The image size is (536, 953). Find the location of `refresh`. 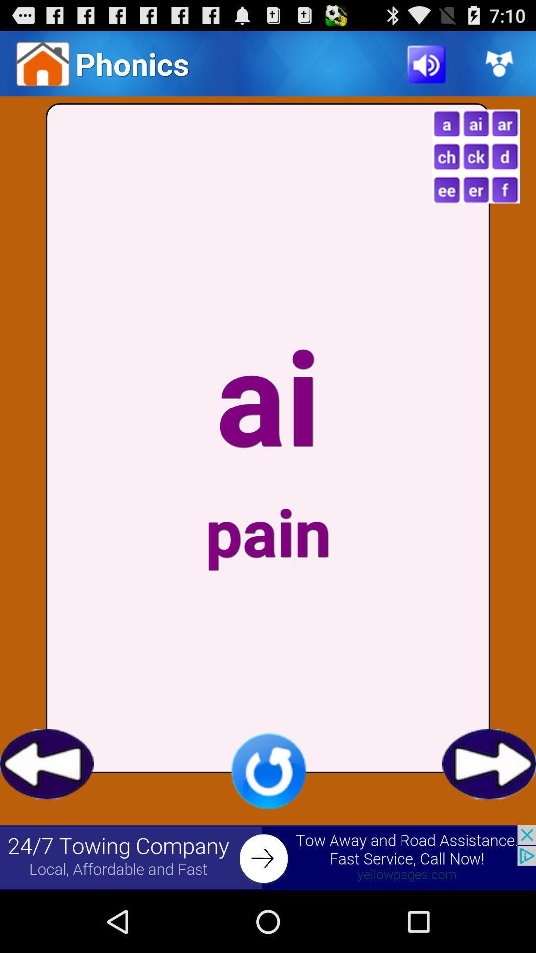

refresh is located at coordinates (268, 770).